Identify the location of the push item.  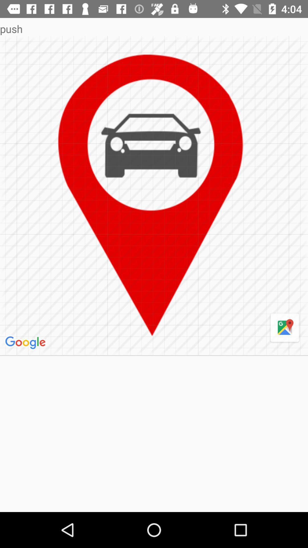
(154, 29).